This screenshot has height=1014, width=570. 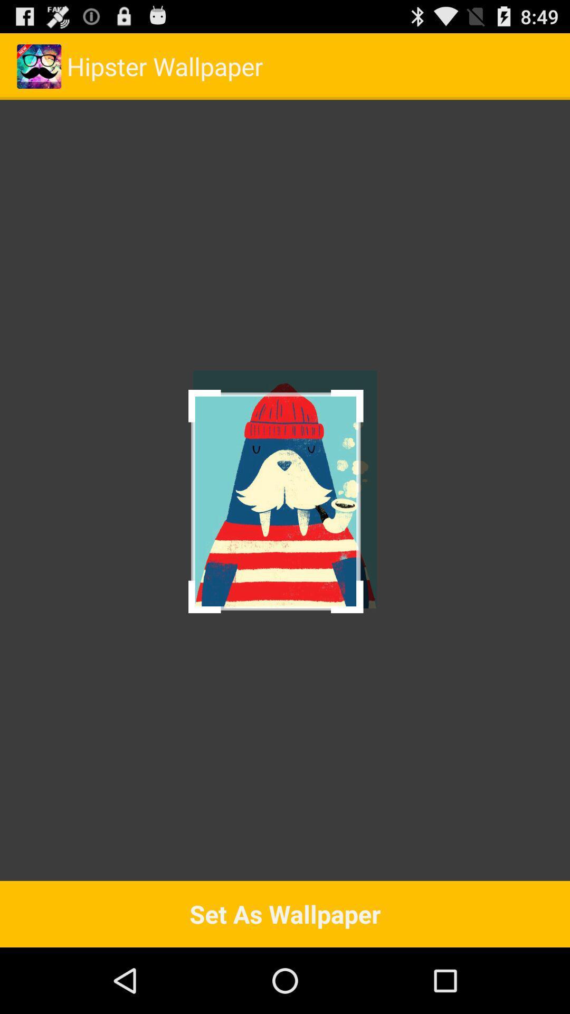 I want to click on the set as wallpaper item, so click(x=285, y=914).